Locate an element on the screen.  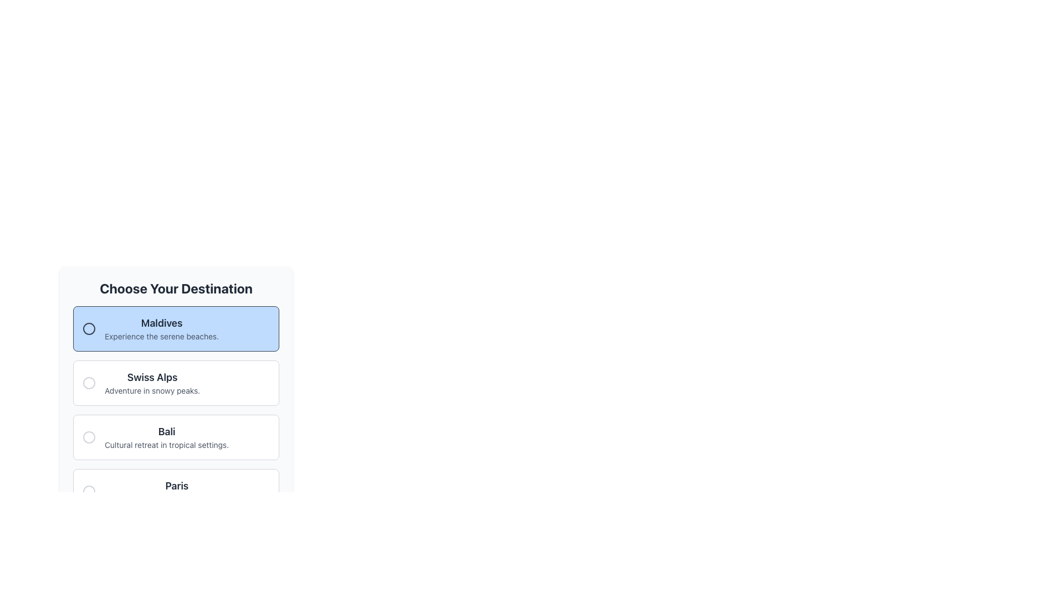
the 'Bali' text label that serves as the title for the destination option is located at coordinates (166, 431).